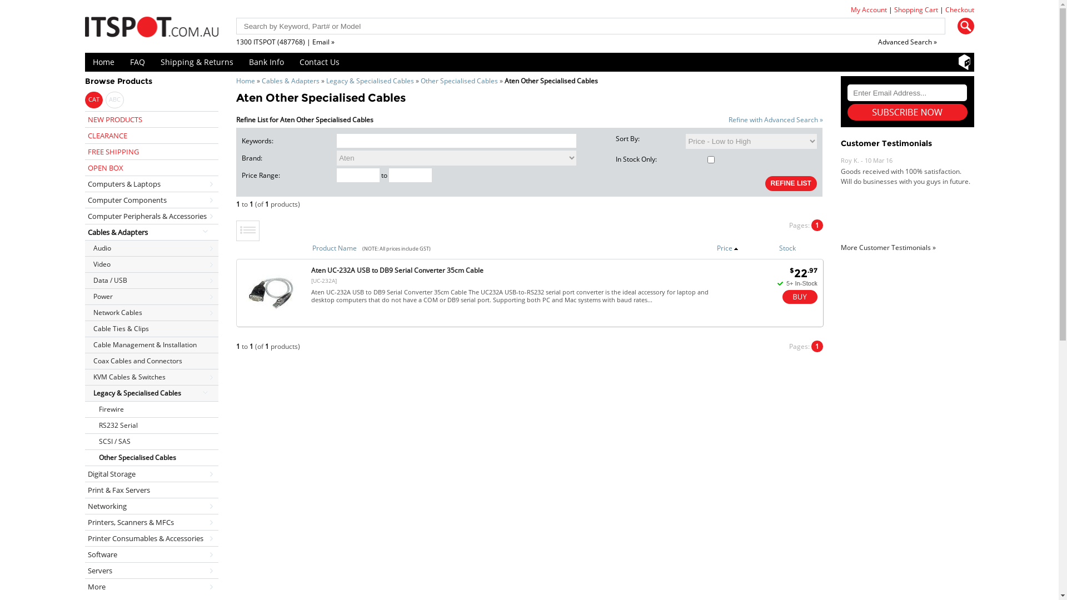  Describe the element at coordinates (151, 554) in the screenshot. I see `'Software'` at that location.